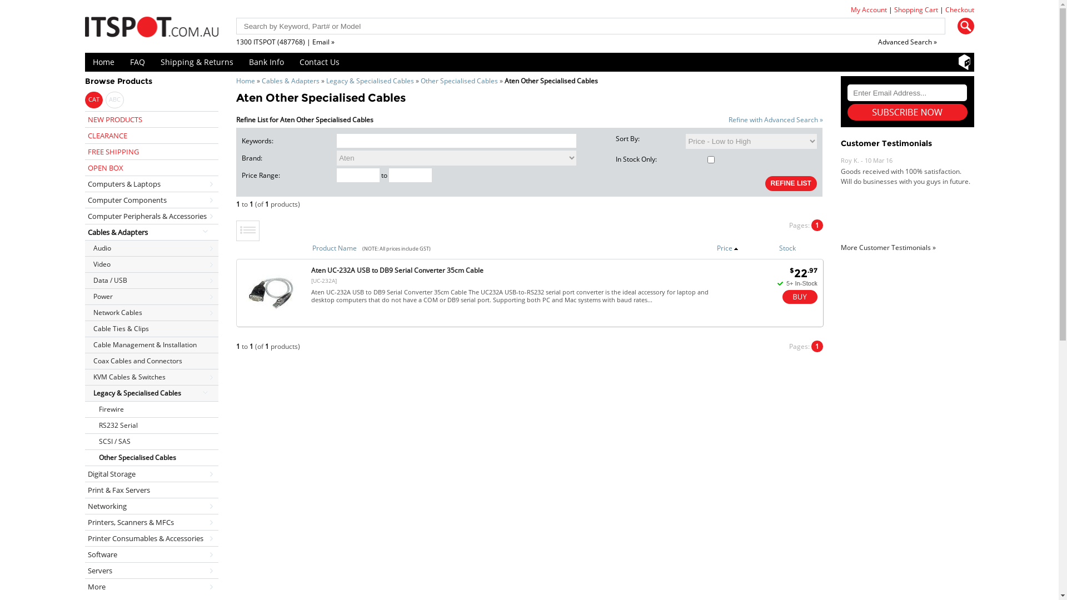  Describe the element at coordinates (151, 554) in the screenshot. I see `'Software'` at that location.